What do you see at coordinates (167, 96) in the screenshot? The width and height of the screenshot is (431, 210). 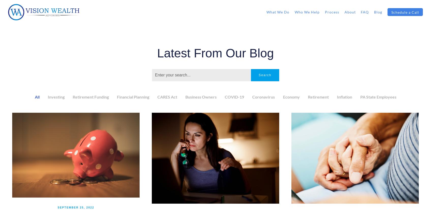 I see `'CARES Act'` at bounding box center [167, 96].